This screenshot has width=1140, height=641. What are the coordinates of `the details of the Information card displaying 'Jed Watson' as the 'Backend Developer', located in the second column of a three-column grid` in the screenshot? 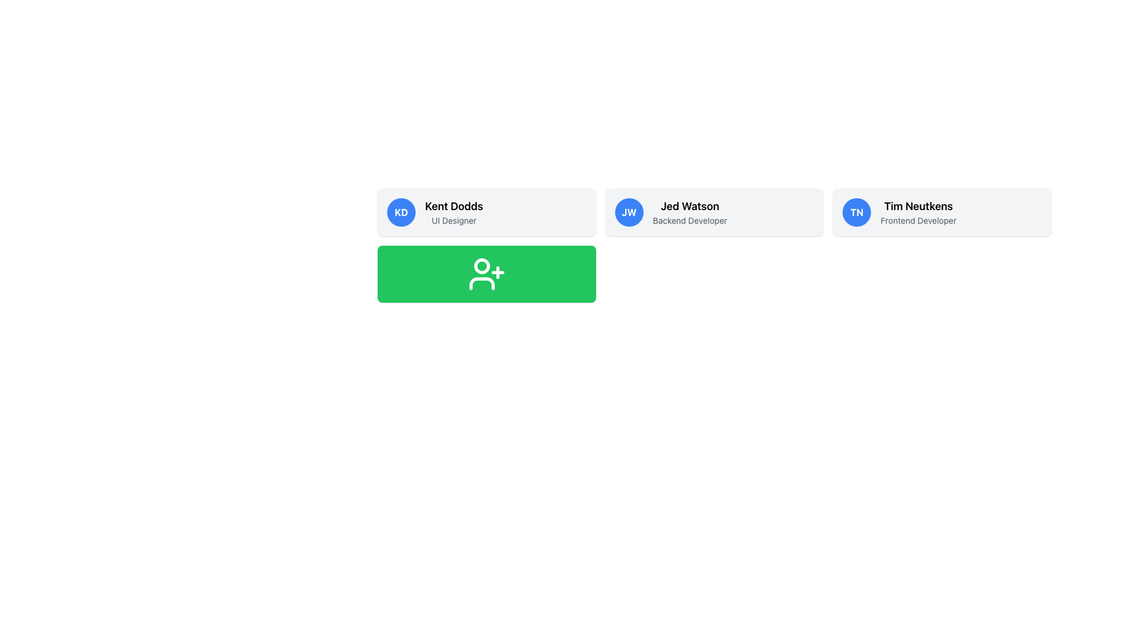 It's located at (714, 212).